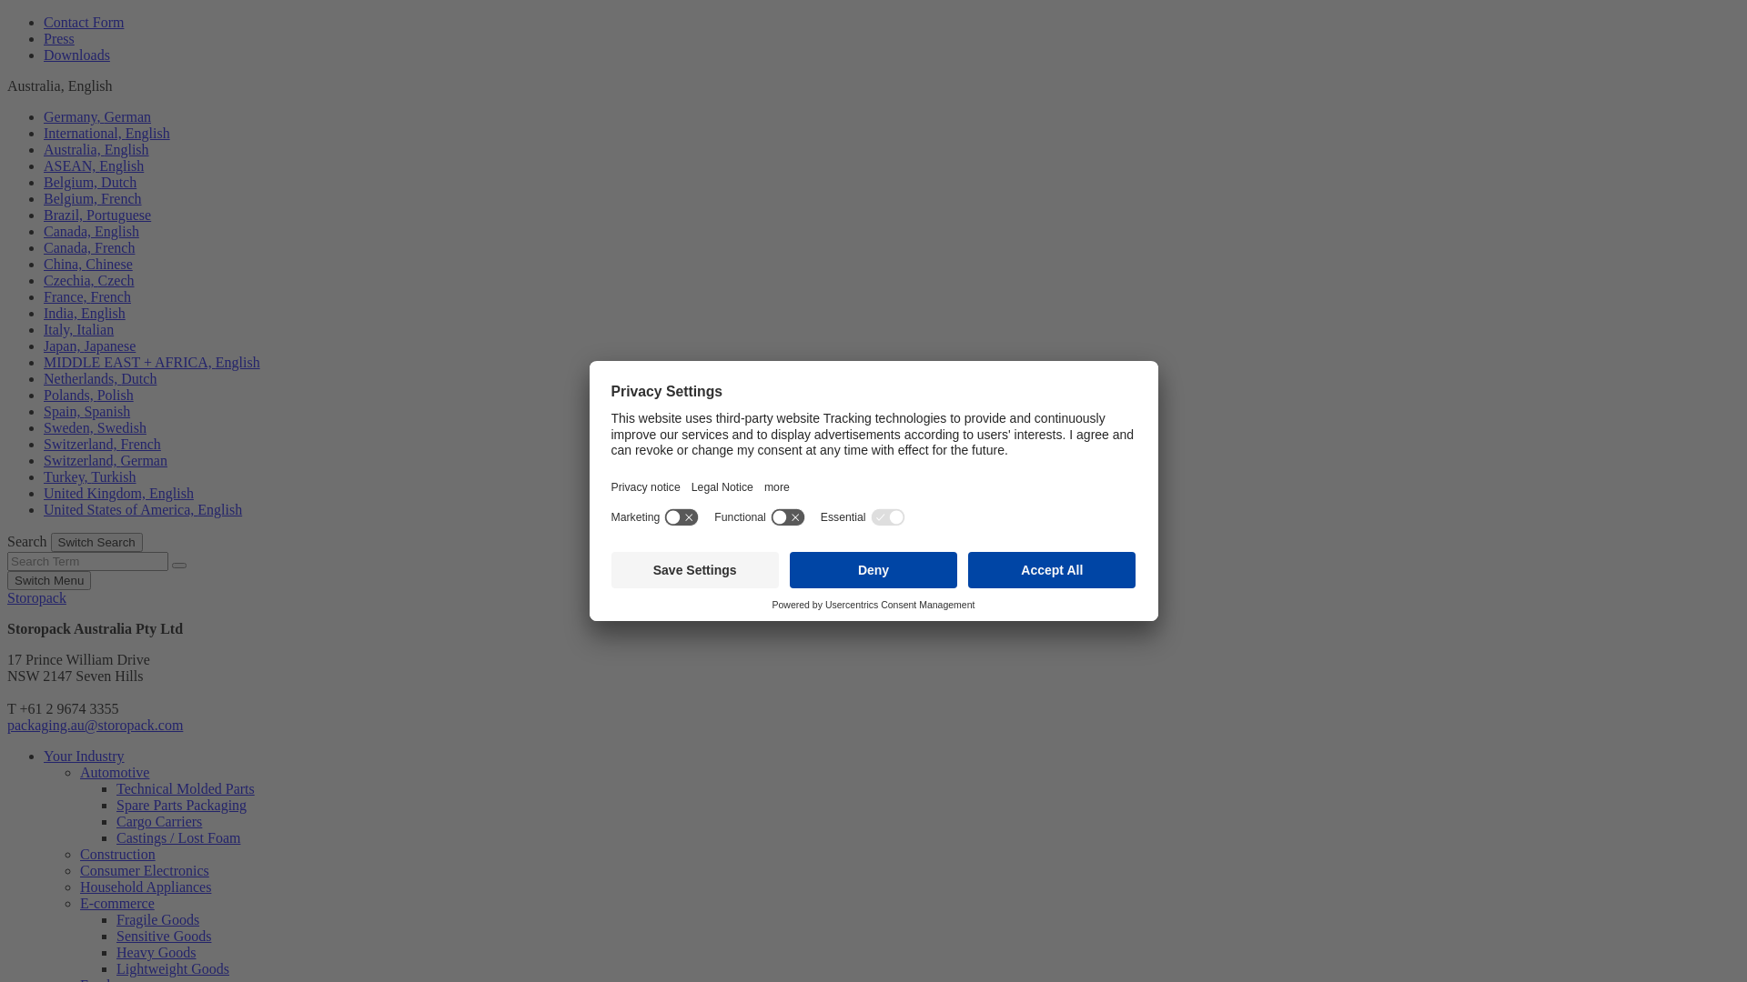 This screenshot has width=1747, height=982. What do you see at coordinates (44, 411) in the screenshot?
I see `'Spain, Spanish'` at bounding box center [44, 411].